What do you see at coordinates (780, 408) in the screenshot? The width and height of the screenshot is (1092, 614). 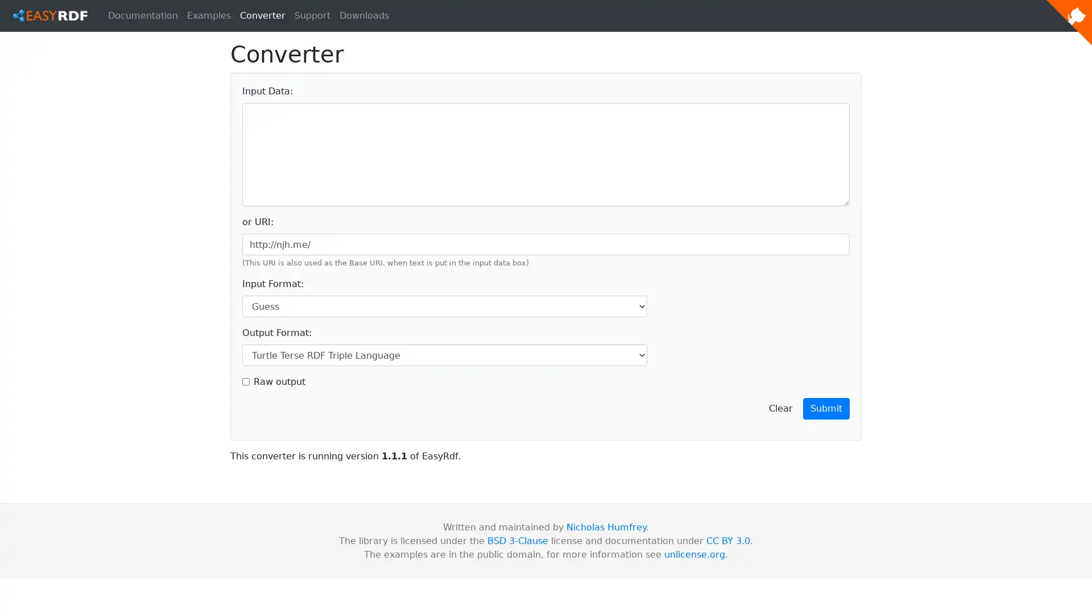 I see `Clear` at bounding box center [780, 408].